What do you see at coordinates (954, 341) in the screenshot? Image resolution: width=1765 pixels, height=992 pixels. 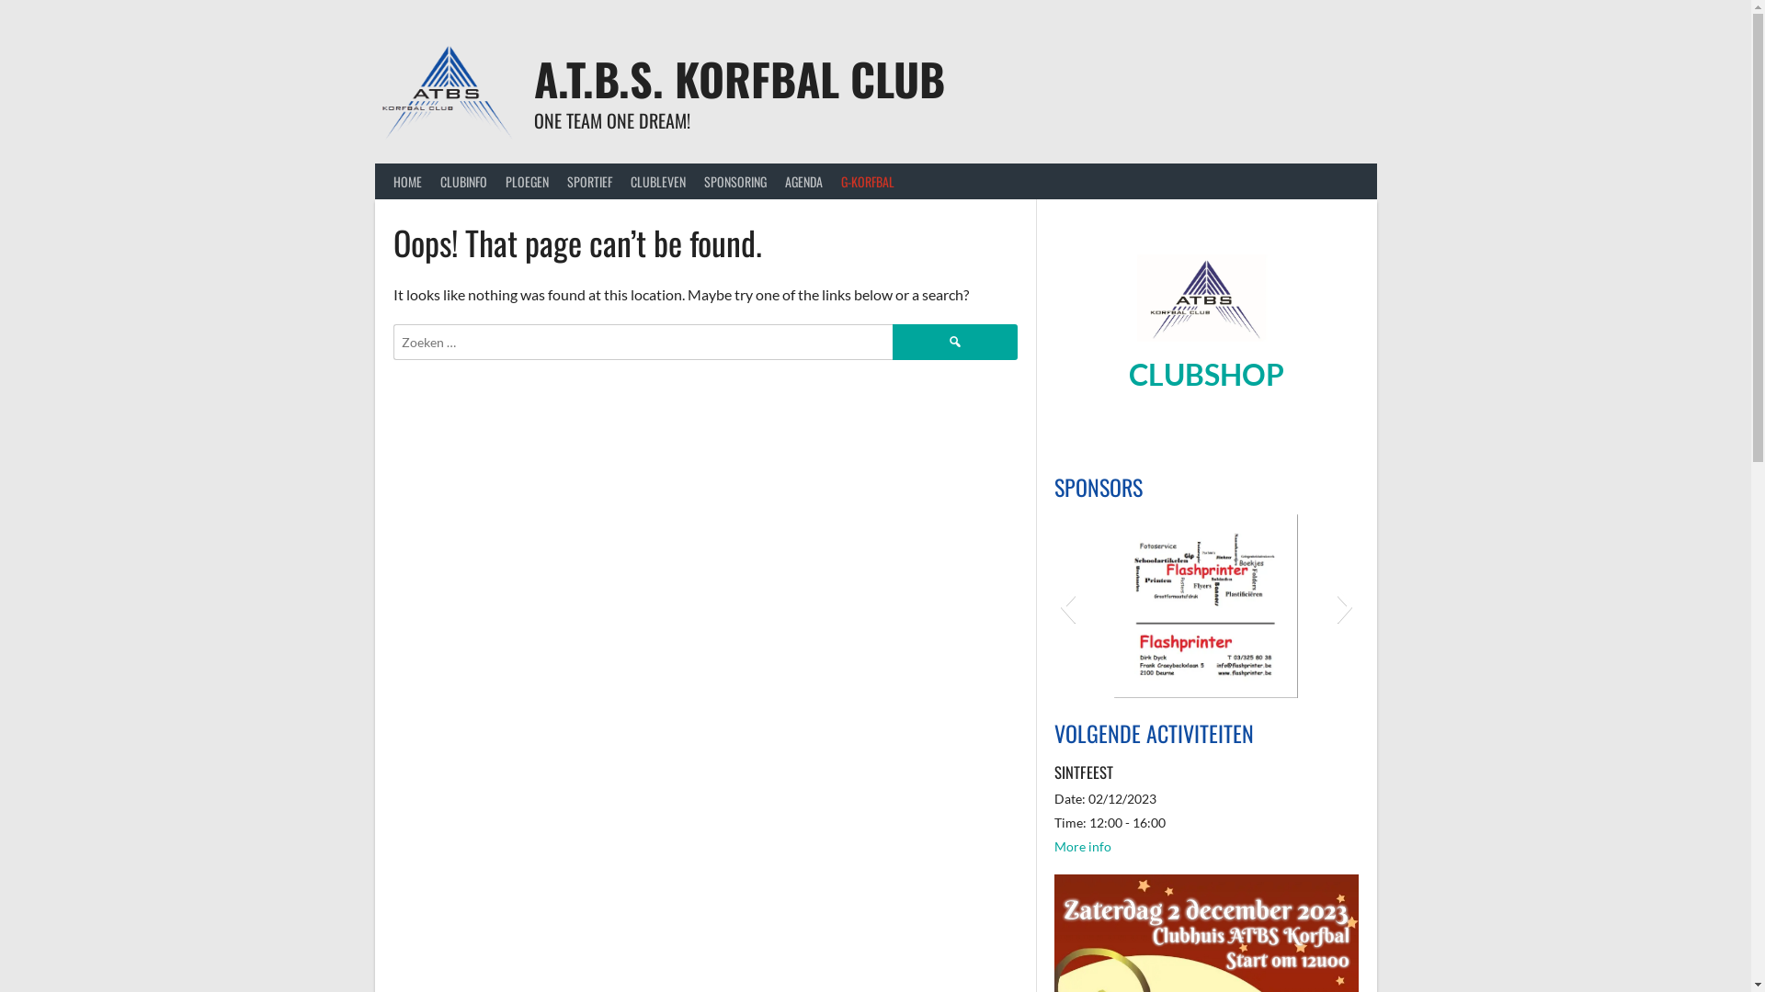 I see `'Zoeken'` at bounding box center [954, 341].